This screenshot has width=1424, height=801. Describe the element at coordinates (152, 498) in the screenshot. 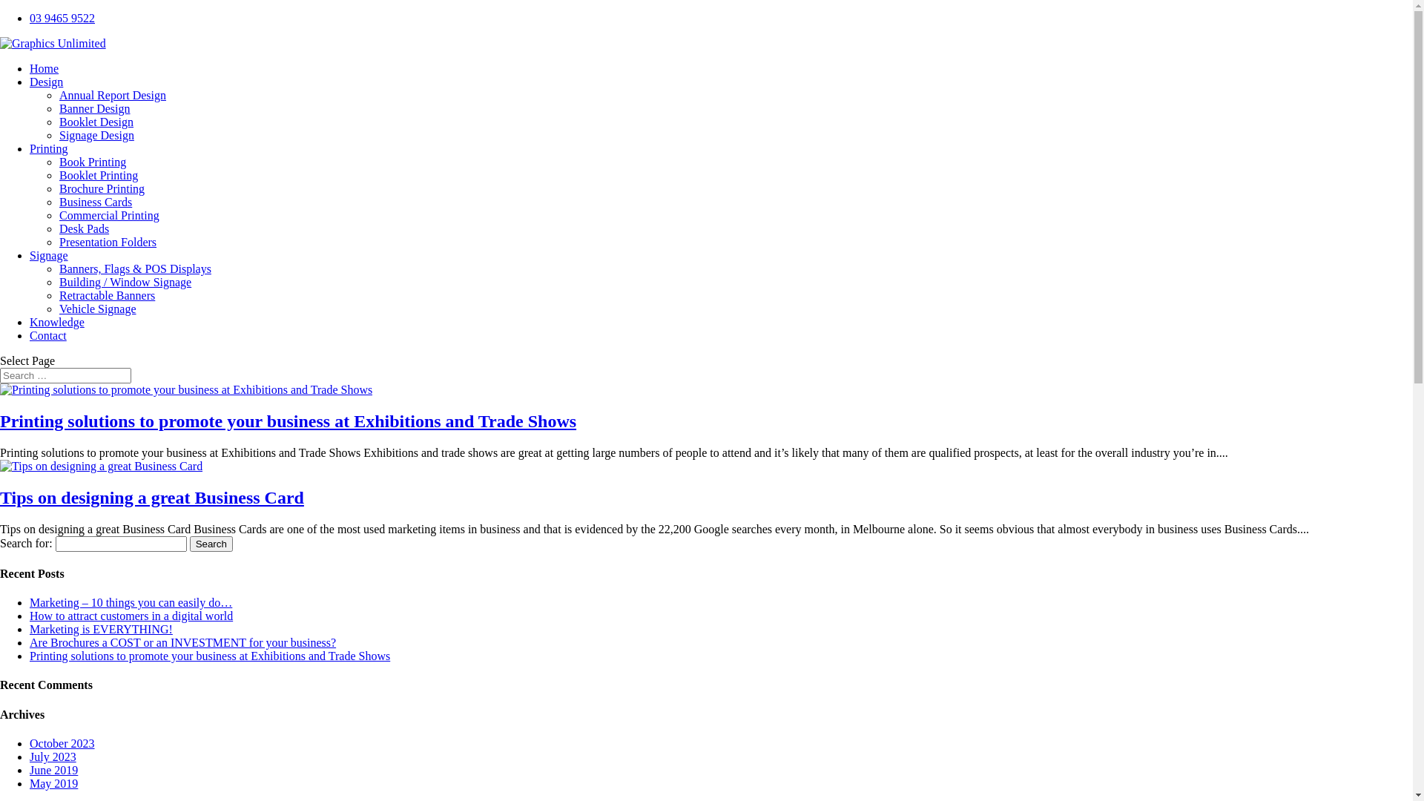

I see `'Tips on designing a great Business Card'` at that location.